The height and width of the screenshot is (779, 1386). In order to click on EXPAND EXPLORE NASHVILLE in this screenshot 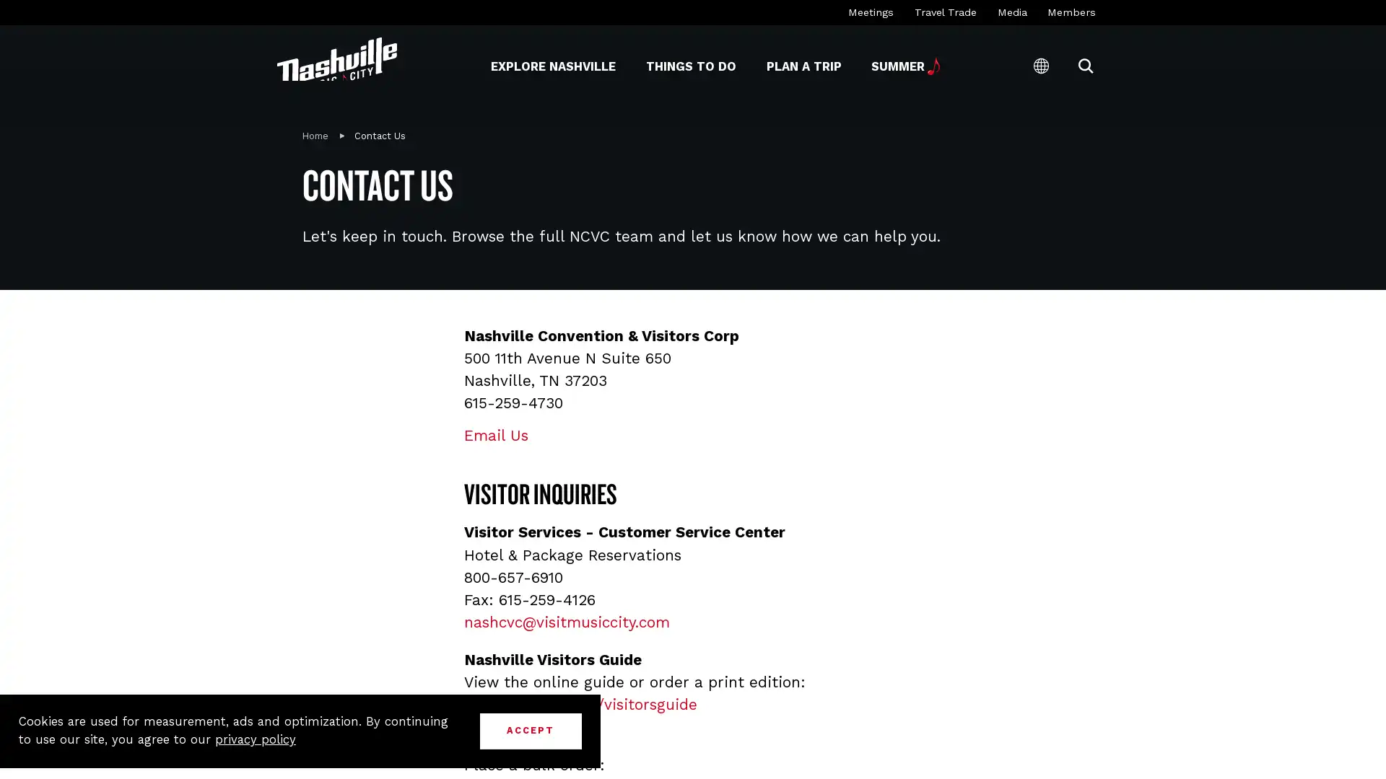, I will do `click(490, 66)`.